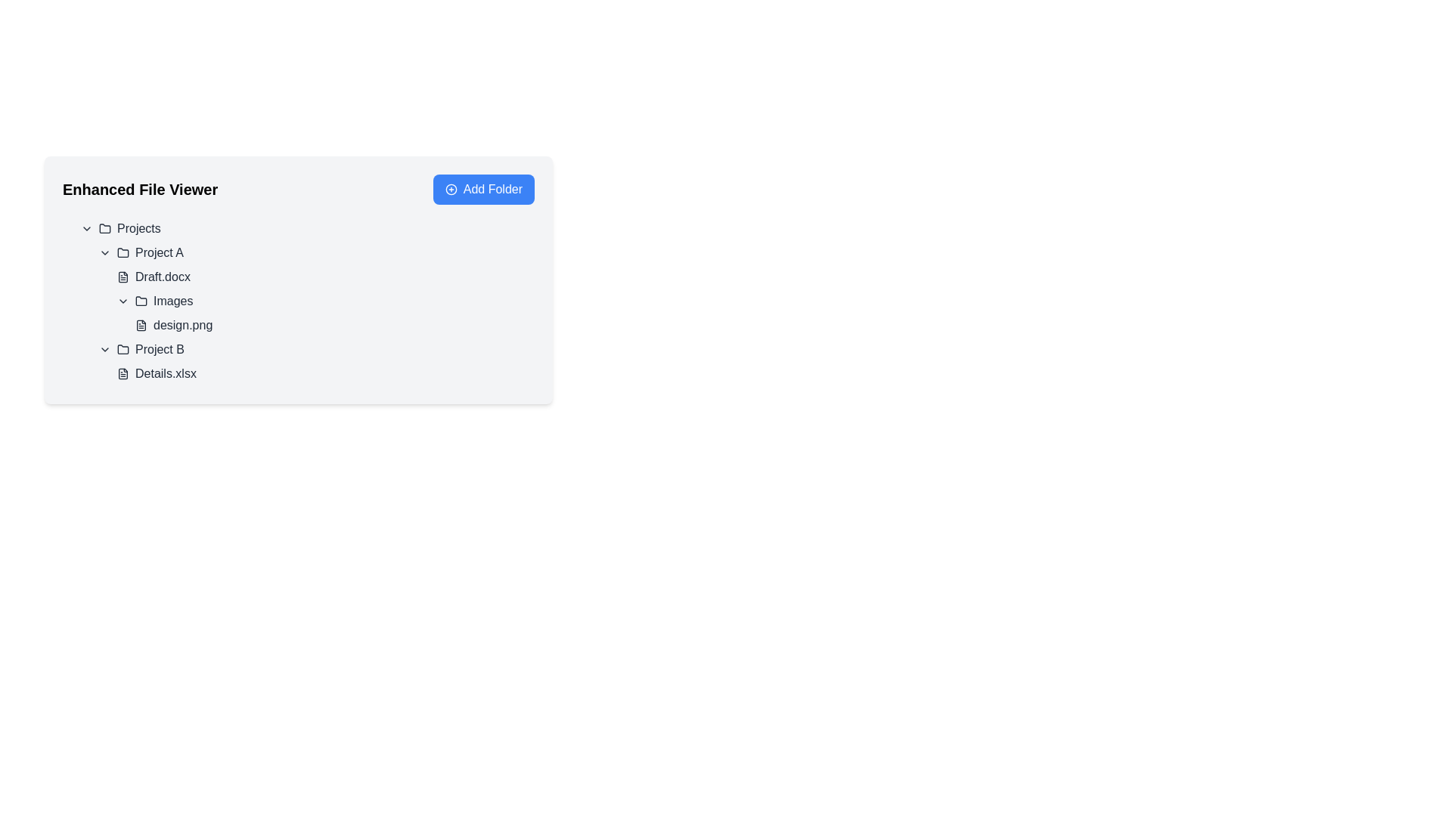 The image size is (1452, 816). I want to click on to select the 'Images' folder text label located under 'Project A' and above 'design.png', so click(173, 301).